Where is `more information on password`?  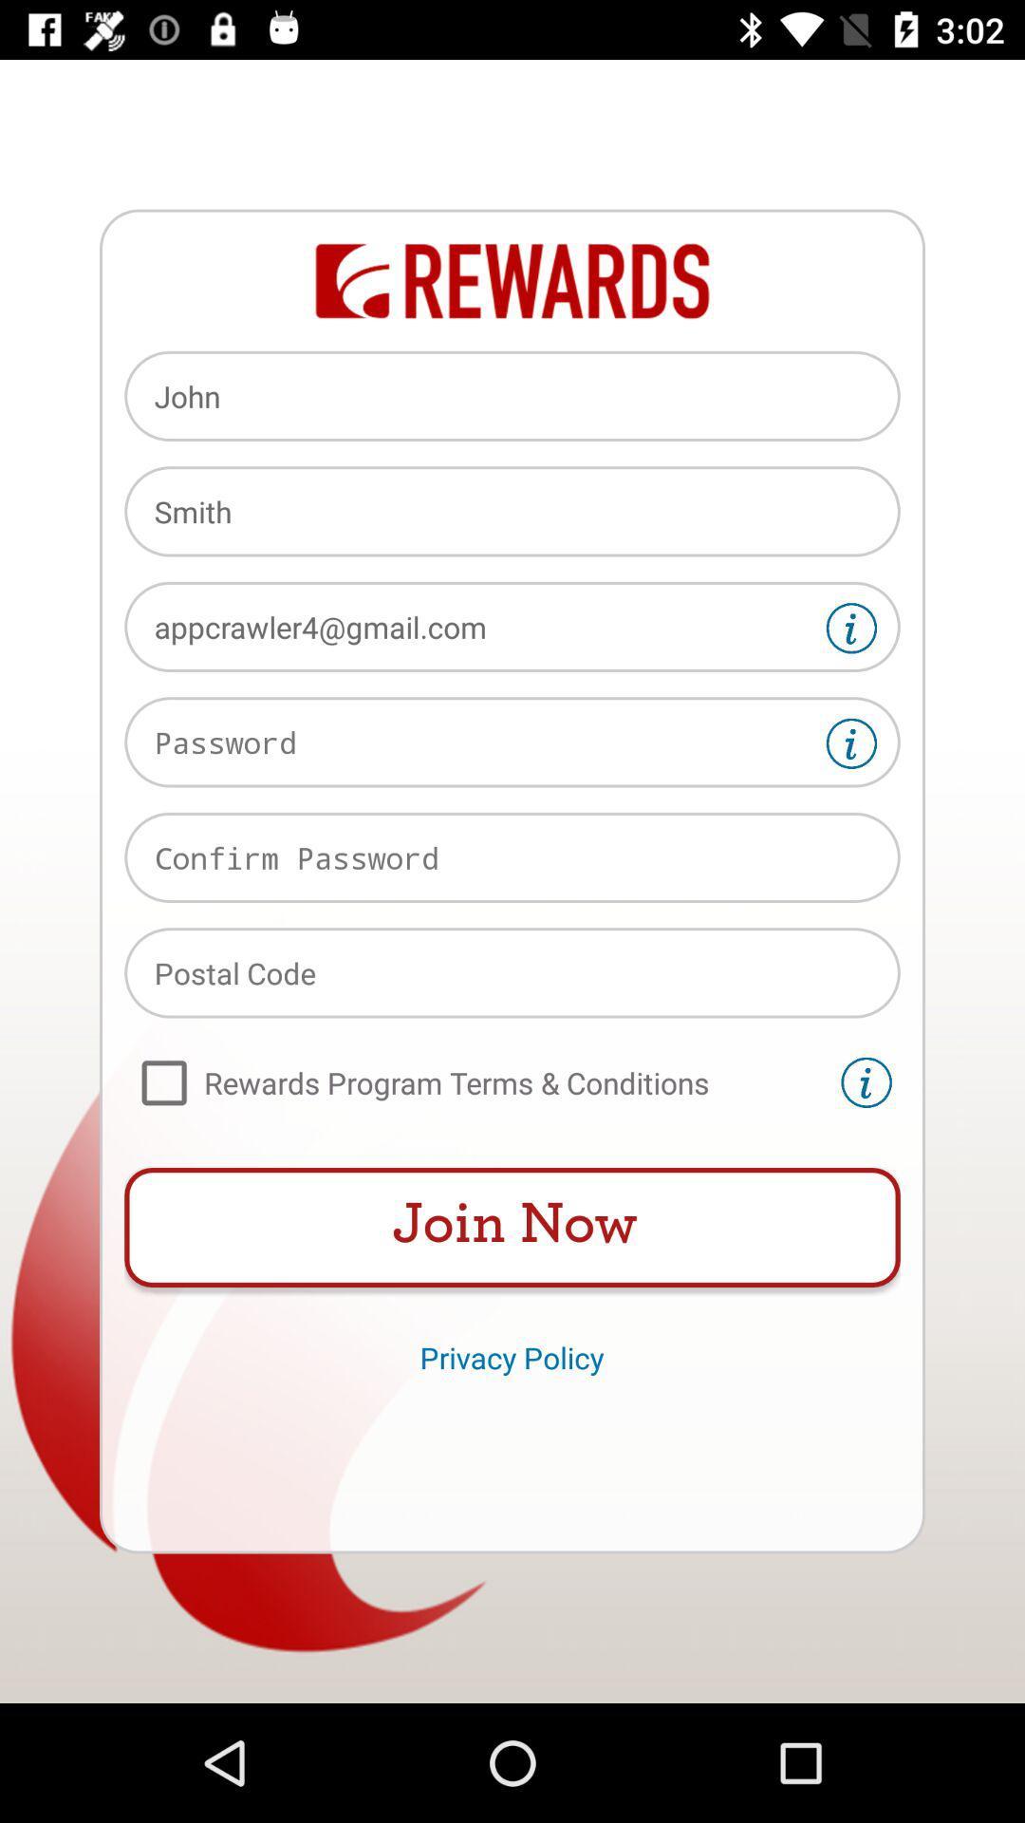
more information on password is located at coordinates (850, 742).